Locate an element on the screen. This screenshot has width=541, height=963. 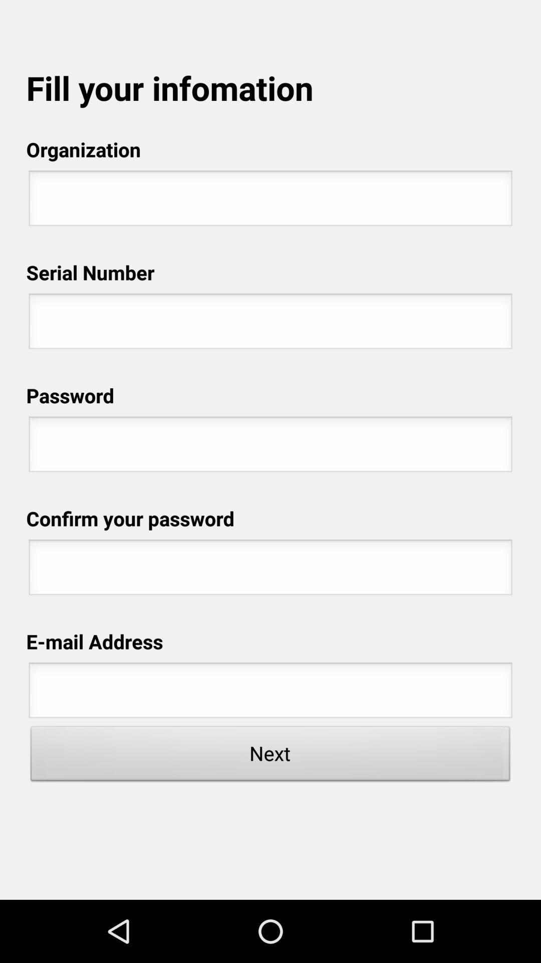
type organization name is located at coordinates (270, 201).